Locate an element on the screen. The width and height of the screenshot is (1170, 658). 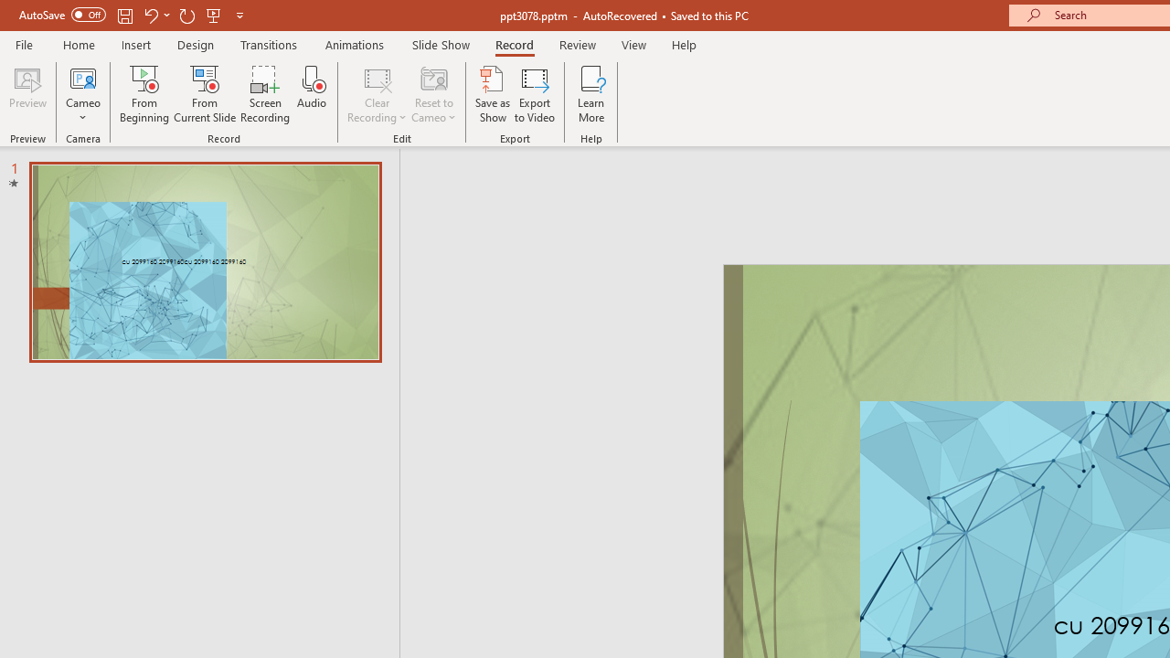
'Insert' is located at coordinates (135, 44).